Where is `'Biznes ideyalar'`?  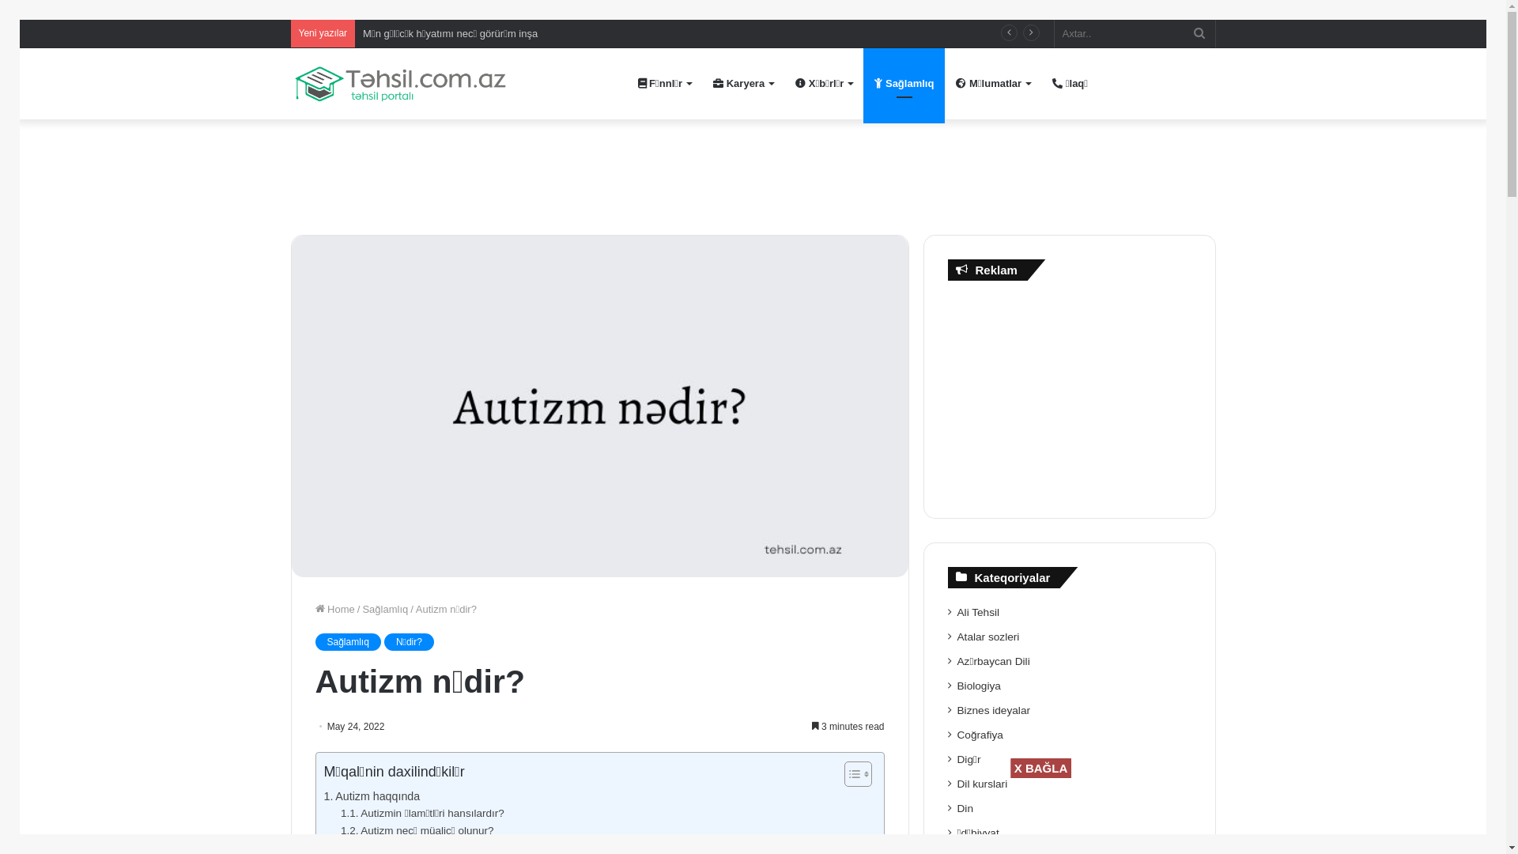 'Biznes ideyalar' is located at coordinates (993, 709).